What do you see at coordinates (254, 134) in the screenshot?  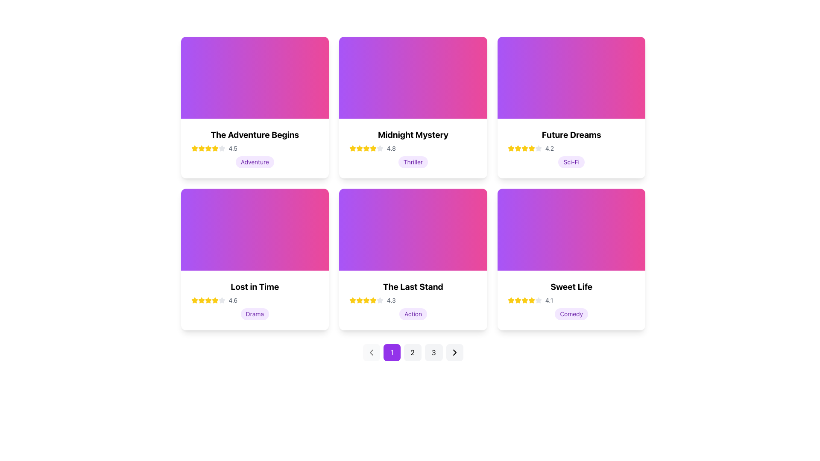 I see `the text block that features 'The Adventure Begins', which is styled in an extra-large, bold font and serves as the headline for the card layout` at bounding box center [254, 134].